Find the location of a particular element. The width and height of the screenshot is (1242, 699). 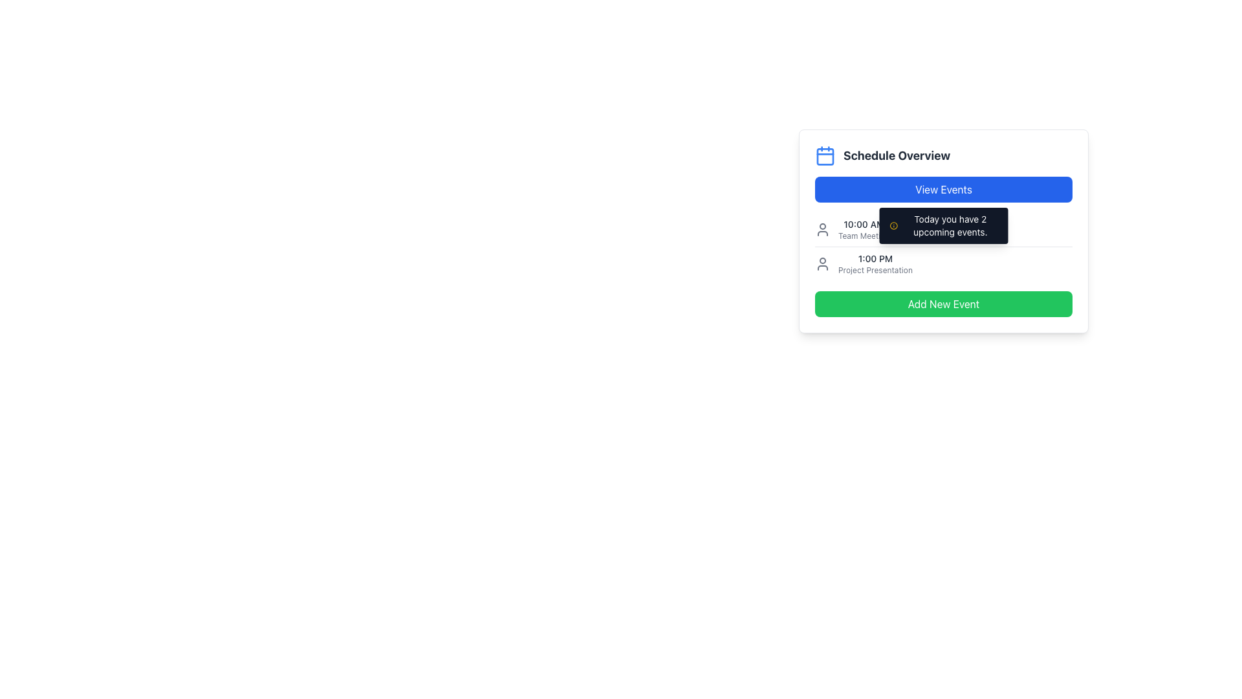

the 'Schedule Overview' text element, which is styled in bold dark gray and positioned to the right of a calendar icon in the heading bar is located at coordinates (896, 155).